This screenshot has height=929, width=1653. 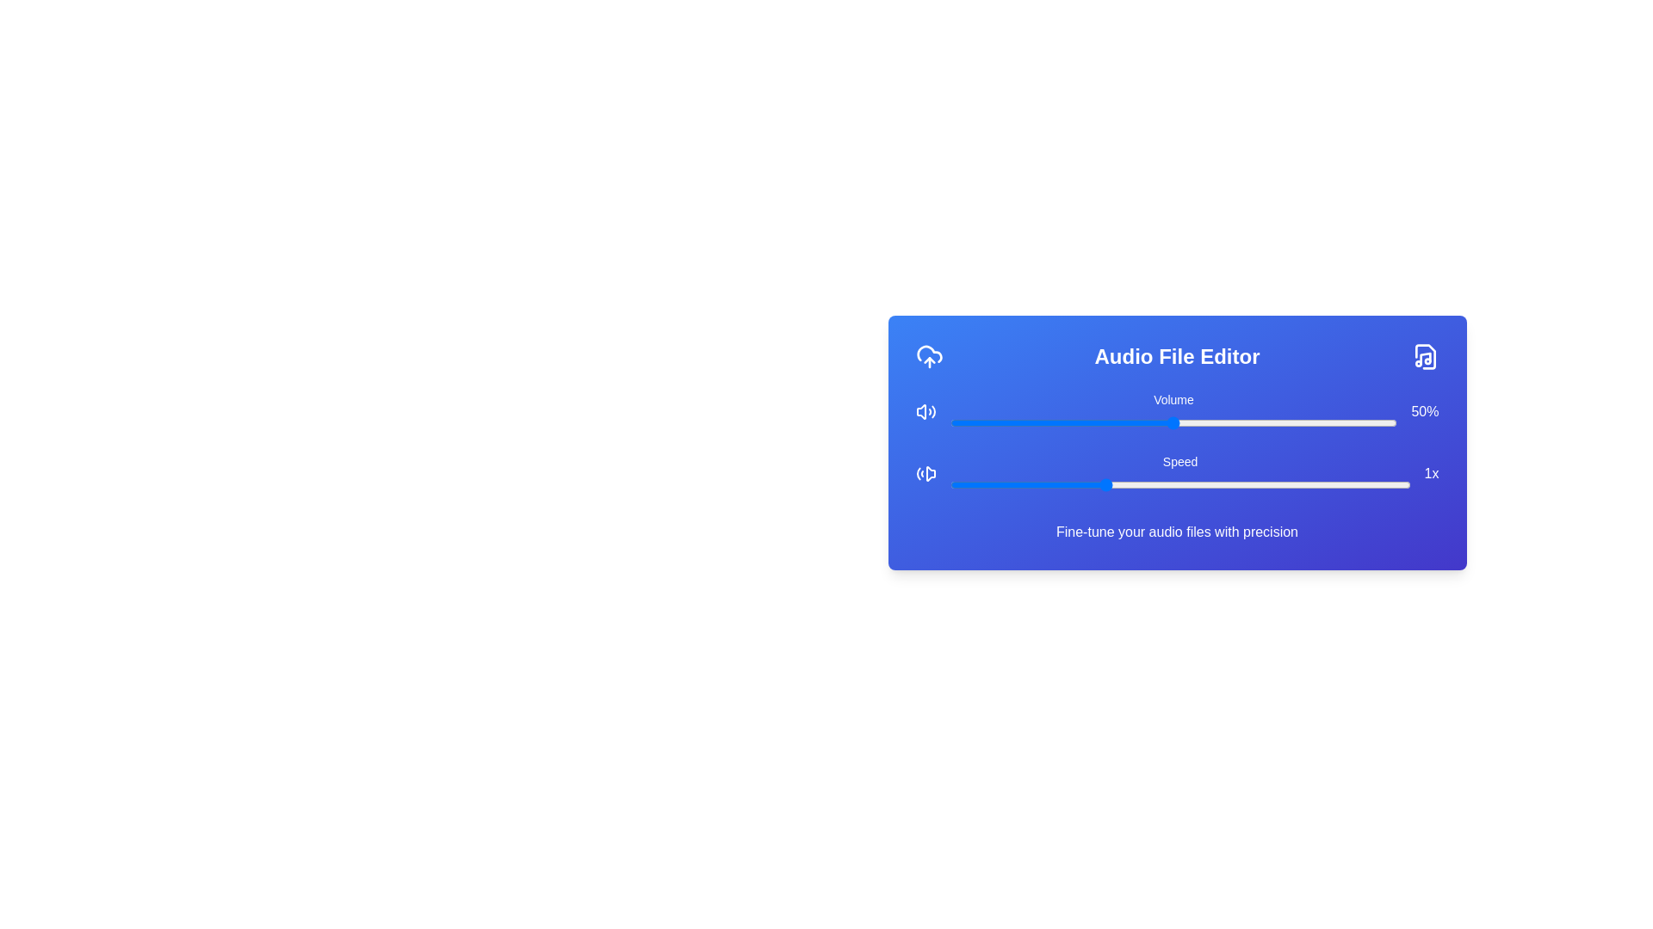 I want to click on the upload icon to initiate the upload process, so click(x=928, y=356).